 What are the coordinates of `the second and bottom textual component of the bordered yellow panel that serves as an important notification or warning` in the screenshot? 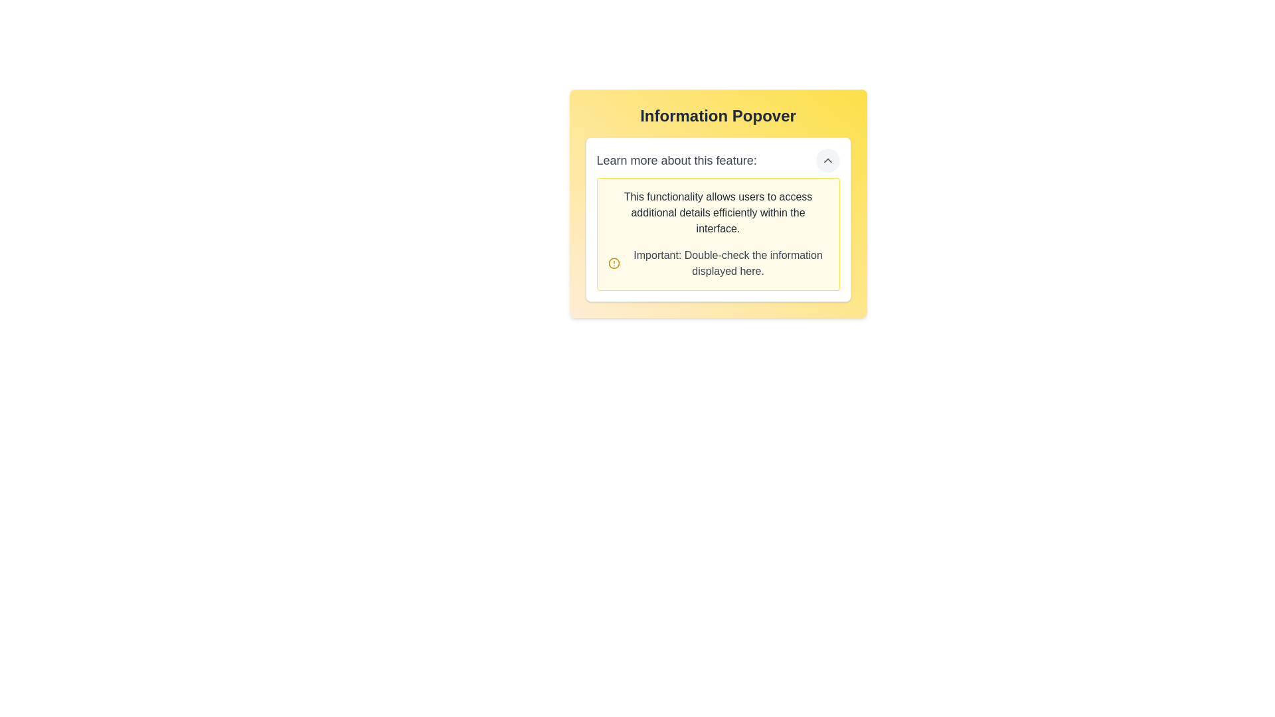 It's located at (717, 264).